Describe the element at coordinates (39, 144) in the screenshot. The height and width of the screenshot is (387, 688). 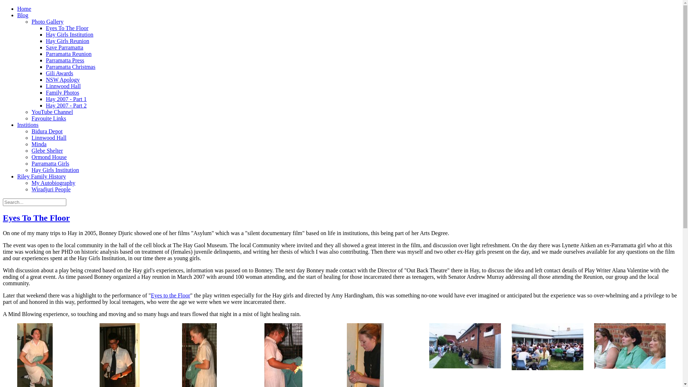
I see `'Minda'` at that location.